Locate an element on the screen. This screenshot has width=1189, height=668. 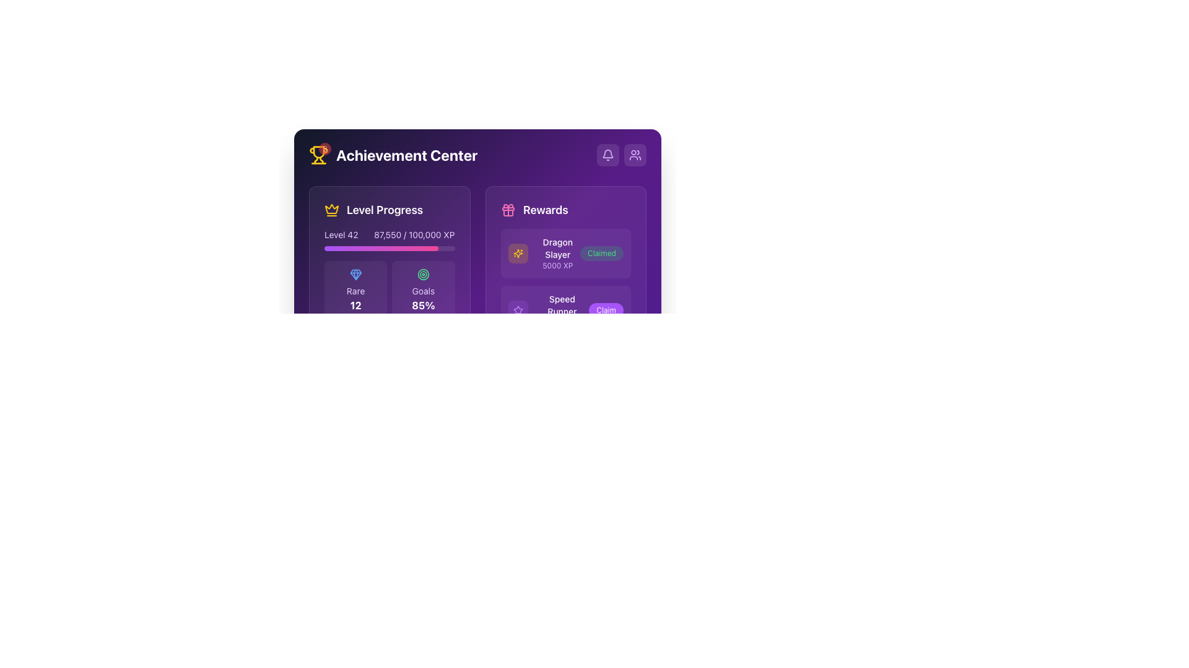
the non-interactive Status Label that indicates the reward 'Dragon Slayer' has already been claimed by the user is located at coordinates (602, 252).